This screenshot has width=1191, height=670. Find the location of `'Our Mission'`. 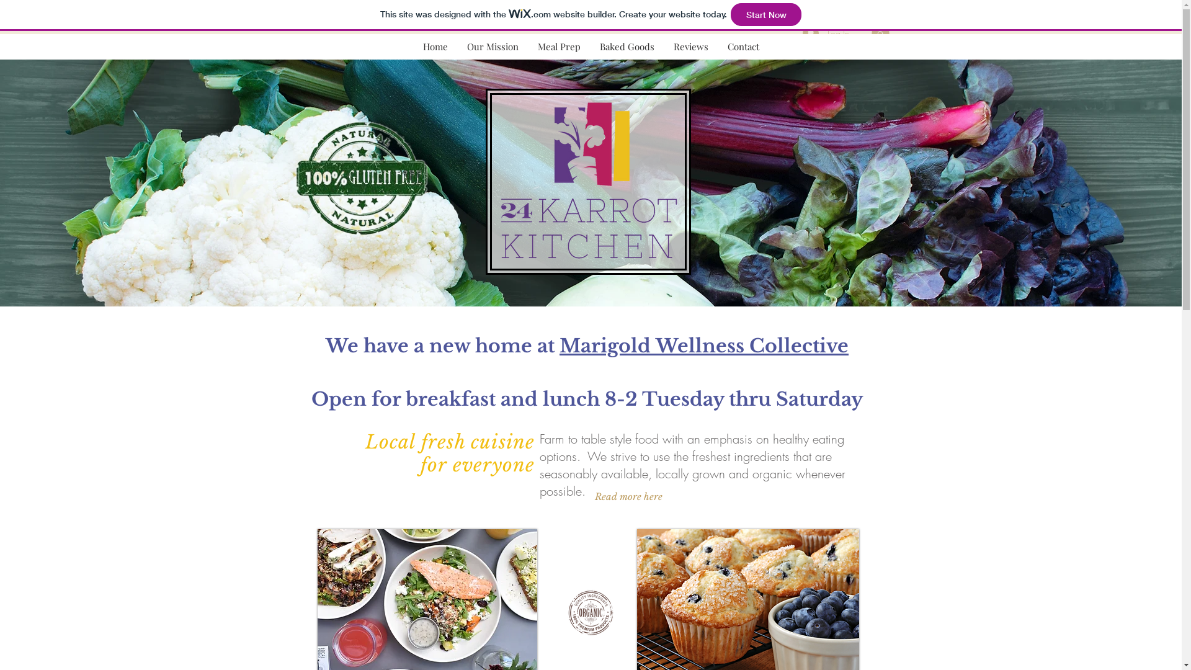

'Our Mission' is located at coordinates (491, 46).